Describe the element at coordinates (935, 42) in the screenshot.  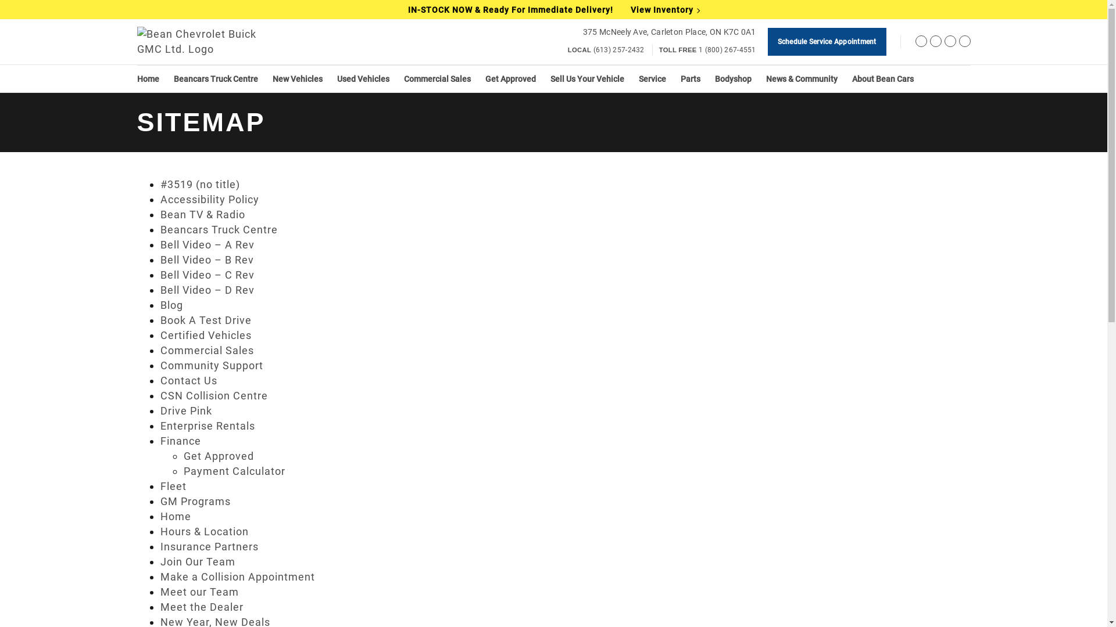
I see `'https://twitter.com/beanchevbuickgm'` at that location.